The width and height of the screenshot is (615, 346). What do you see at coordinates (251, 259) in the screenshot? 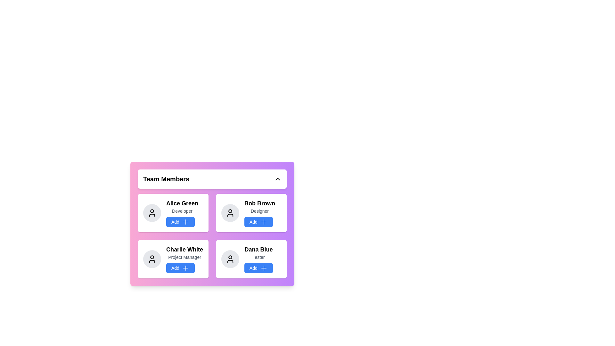
I see `the user card for 'Dana Blue', the fourth card in the grid layout, located in the bottom-right position` at bounding box center [251, 259].